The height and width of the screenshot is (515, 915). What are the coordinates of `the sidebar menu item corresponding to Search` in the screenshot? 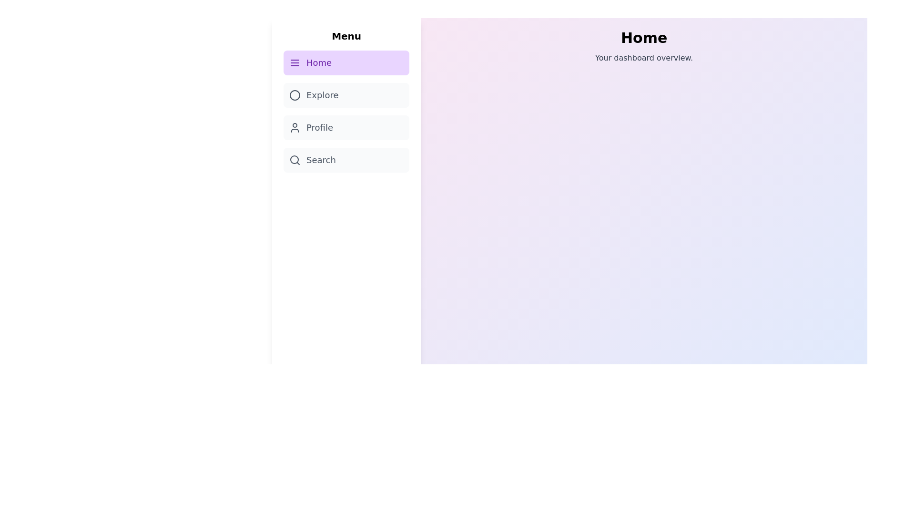 It's located at (346, 159).